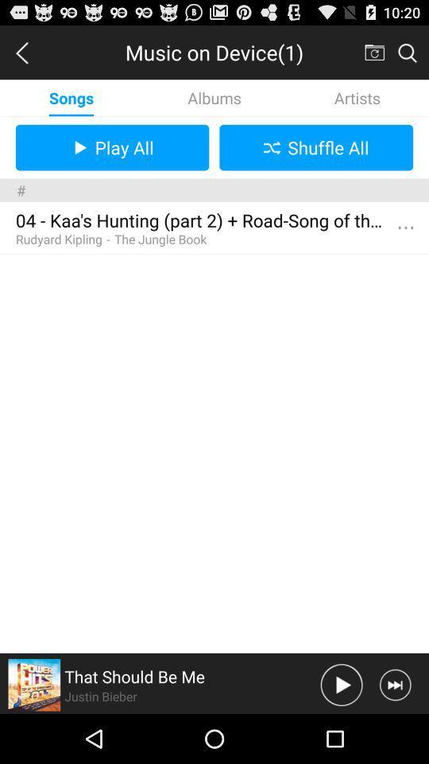  Describe the element at coordinates (394, 733) in the screenshot. I see `the skip_next icon` at that location.